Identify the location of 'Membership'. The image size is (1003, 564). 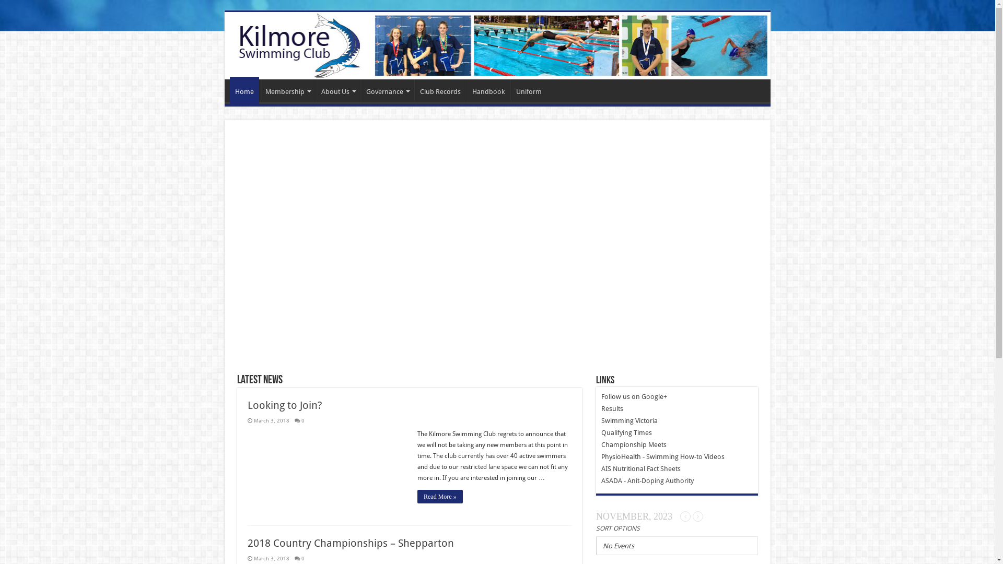
(287, 90).